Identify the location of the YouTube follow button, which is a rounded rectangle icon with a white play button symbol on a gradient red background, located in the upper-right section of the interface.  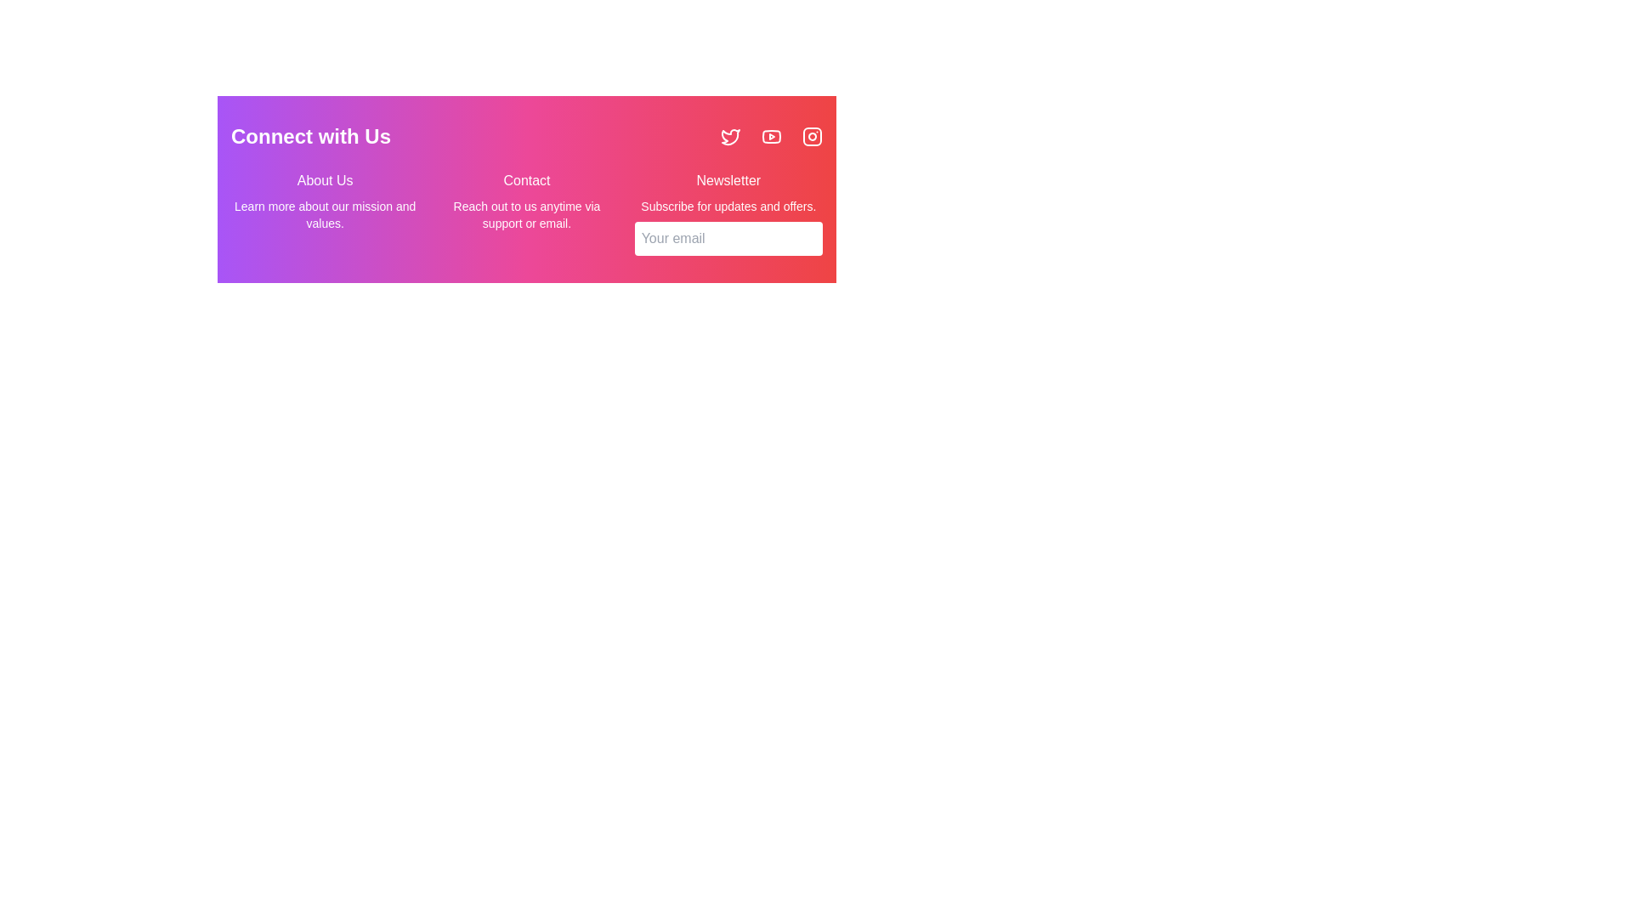
(770, 136).